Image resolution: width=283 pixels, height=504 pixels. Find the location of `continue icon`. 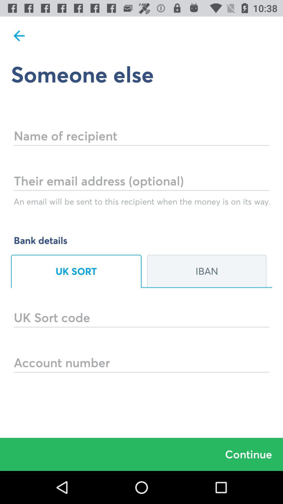

continue icon is located at coordinates (141, 454).